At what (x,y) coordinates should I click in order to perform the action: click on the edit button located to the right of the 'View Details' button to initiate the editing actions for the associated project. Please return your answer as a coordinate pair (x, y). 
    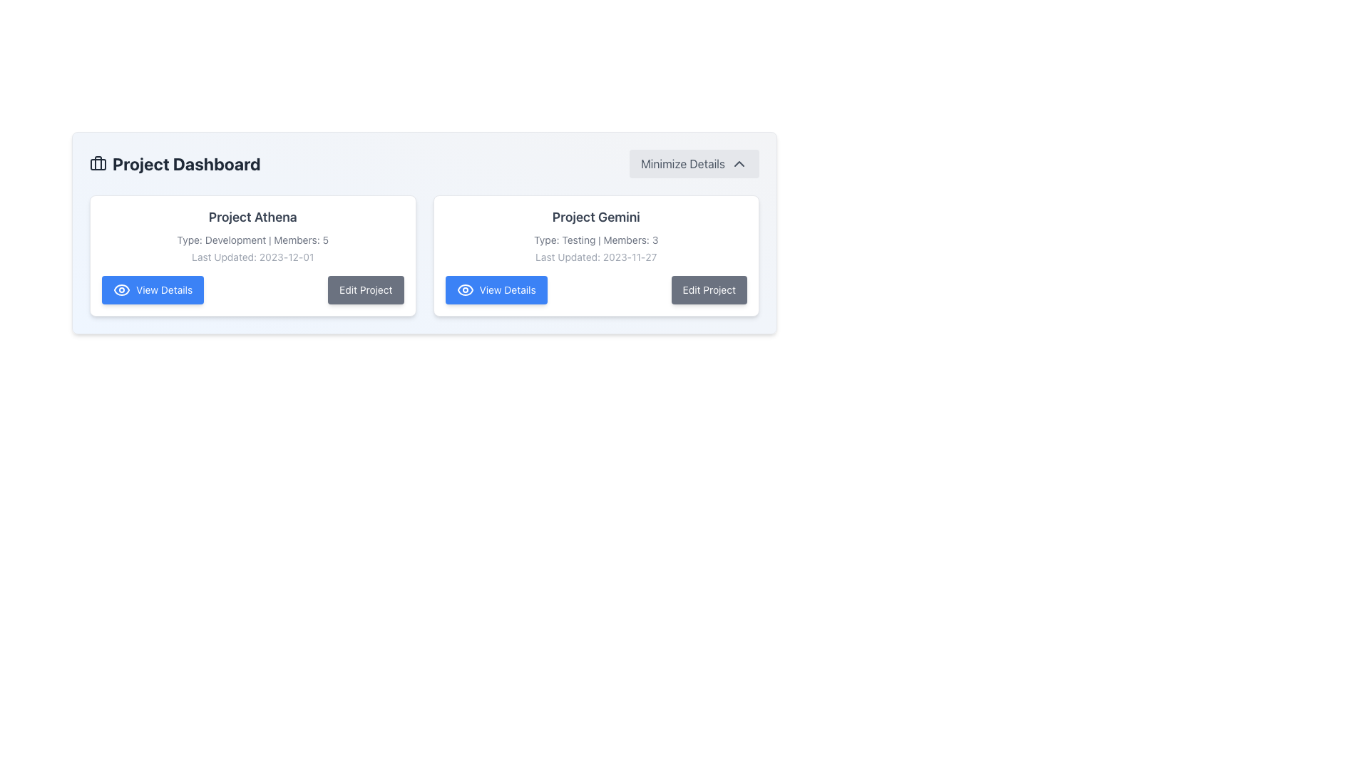
    Looking at the image, I should click on (366, 289).